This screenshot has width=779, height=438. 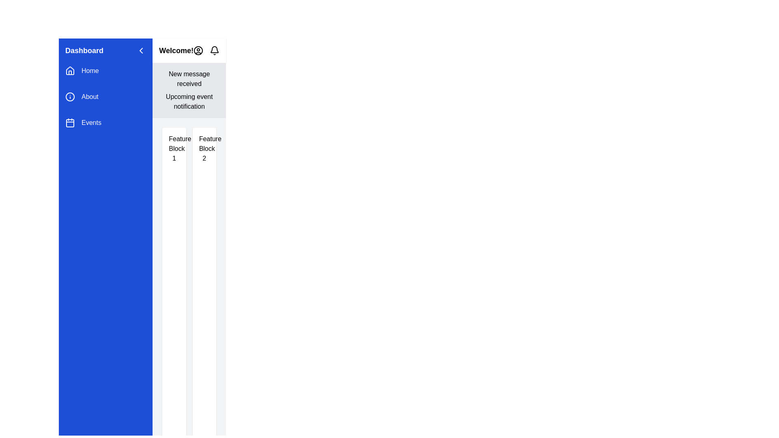 I want to click on the 'Events' text label, which is styled in white and located in the blue sidebar, positioned below 'Home' and 'About', and directly following a calendar icon, so click(x=91, y=123).